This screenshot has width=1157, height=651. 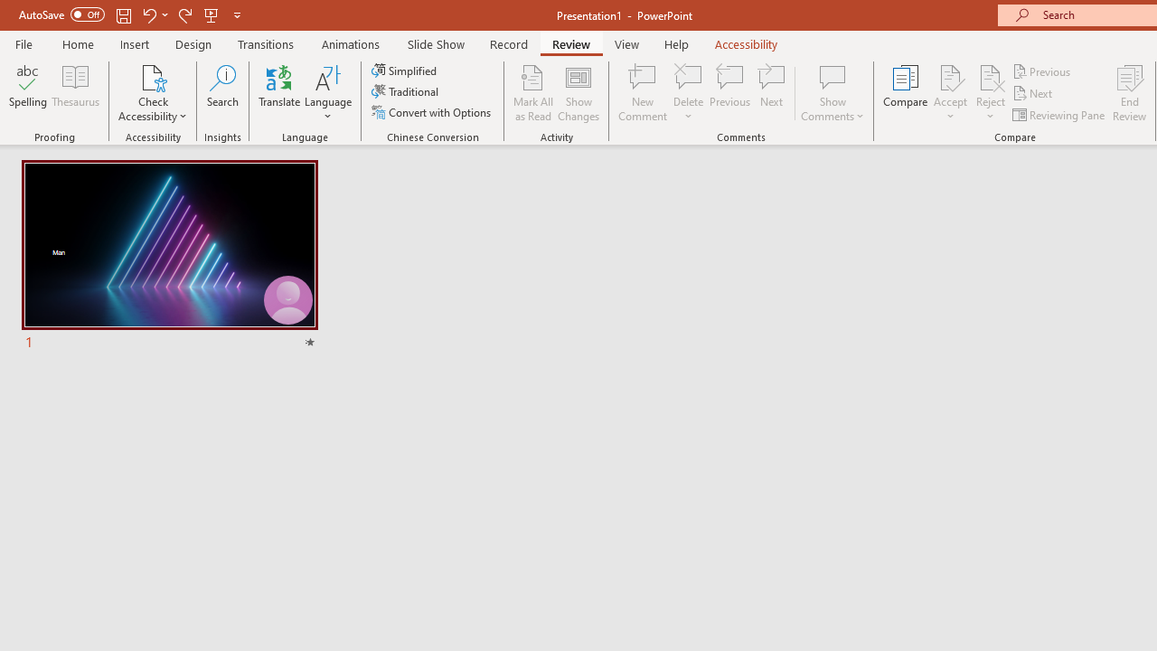 I want to click on 'Previous', so click(x=1042, y=71).